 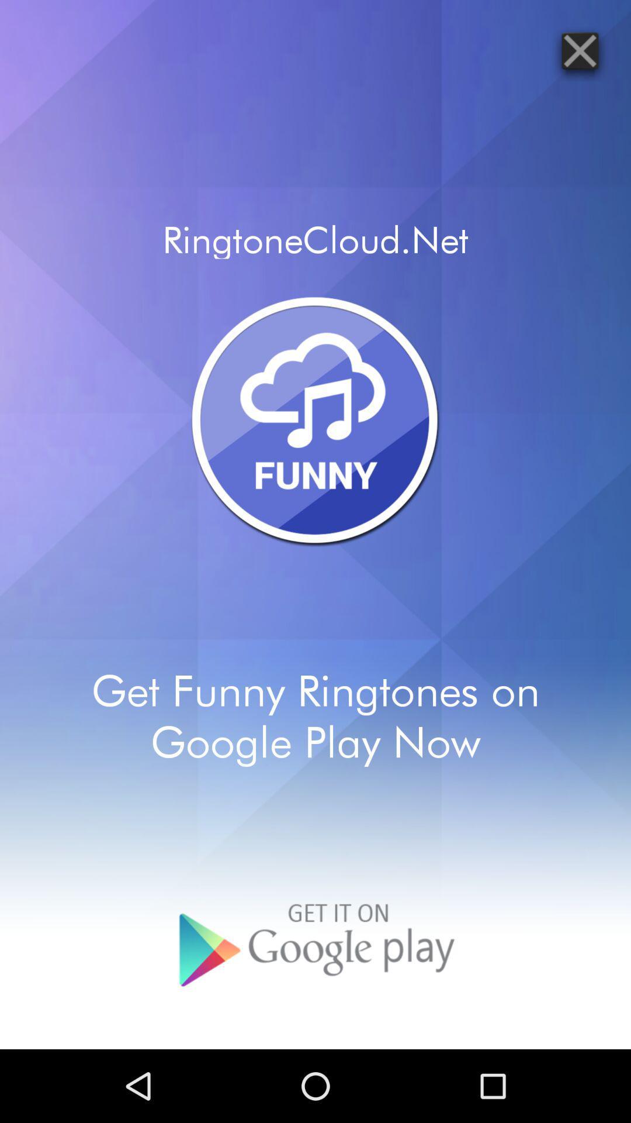 What do you see at coordinates (580, 50) in the screenshot?
I see `advertisement` at bounding box center [580, 50].